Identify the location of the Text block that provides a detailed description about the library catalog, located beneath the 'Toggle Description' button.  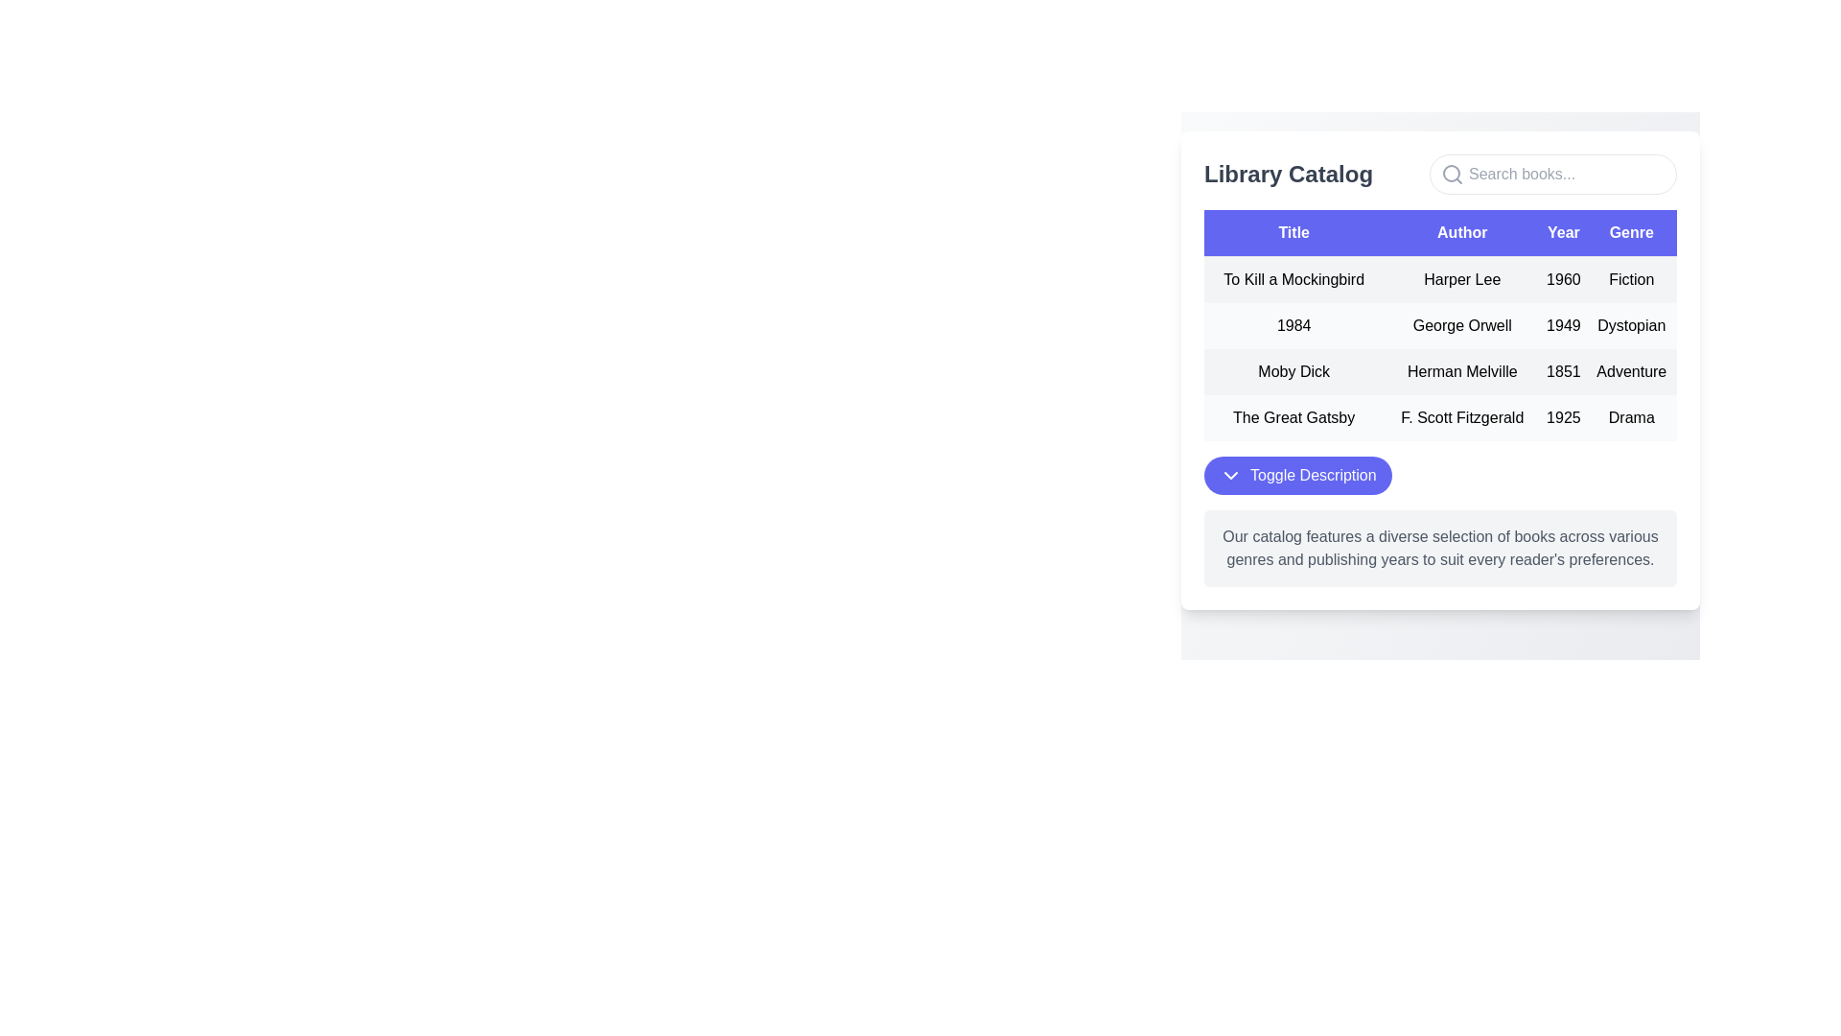
(1440, 521).